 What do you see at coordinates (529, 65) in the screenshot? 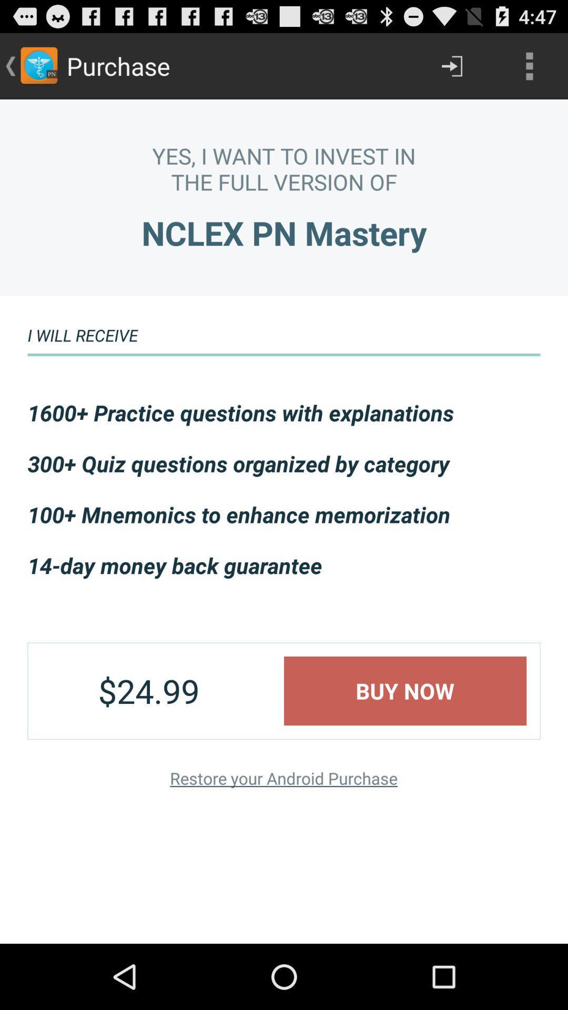
I see `the app above the yes i want icon` at bounding box center [529, 65].